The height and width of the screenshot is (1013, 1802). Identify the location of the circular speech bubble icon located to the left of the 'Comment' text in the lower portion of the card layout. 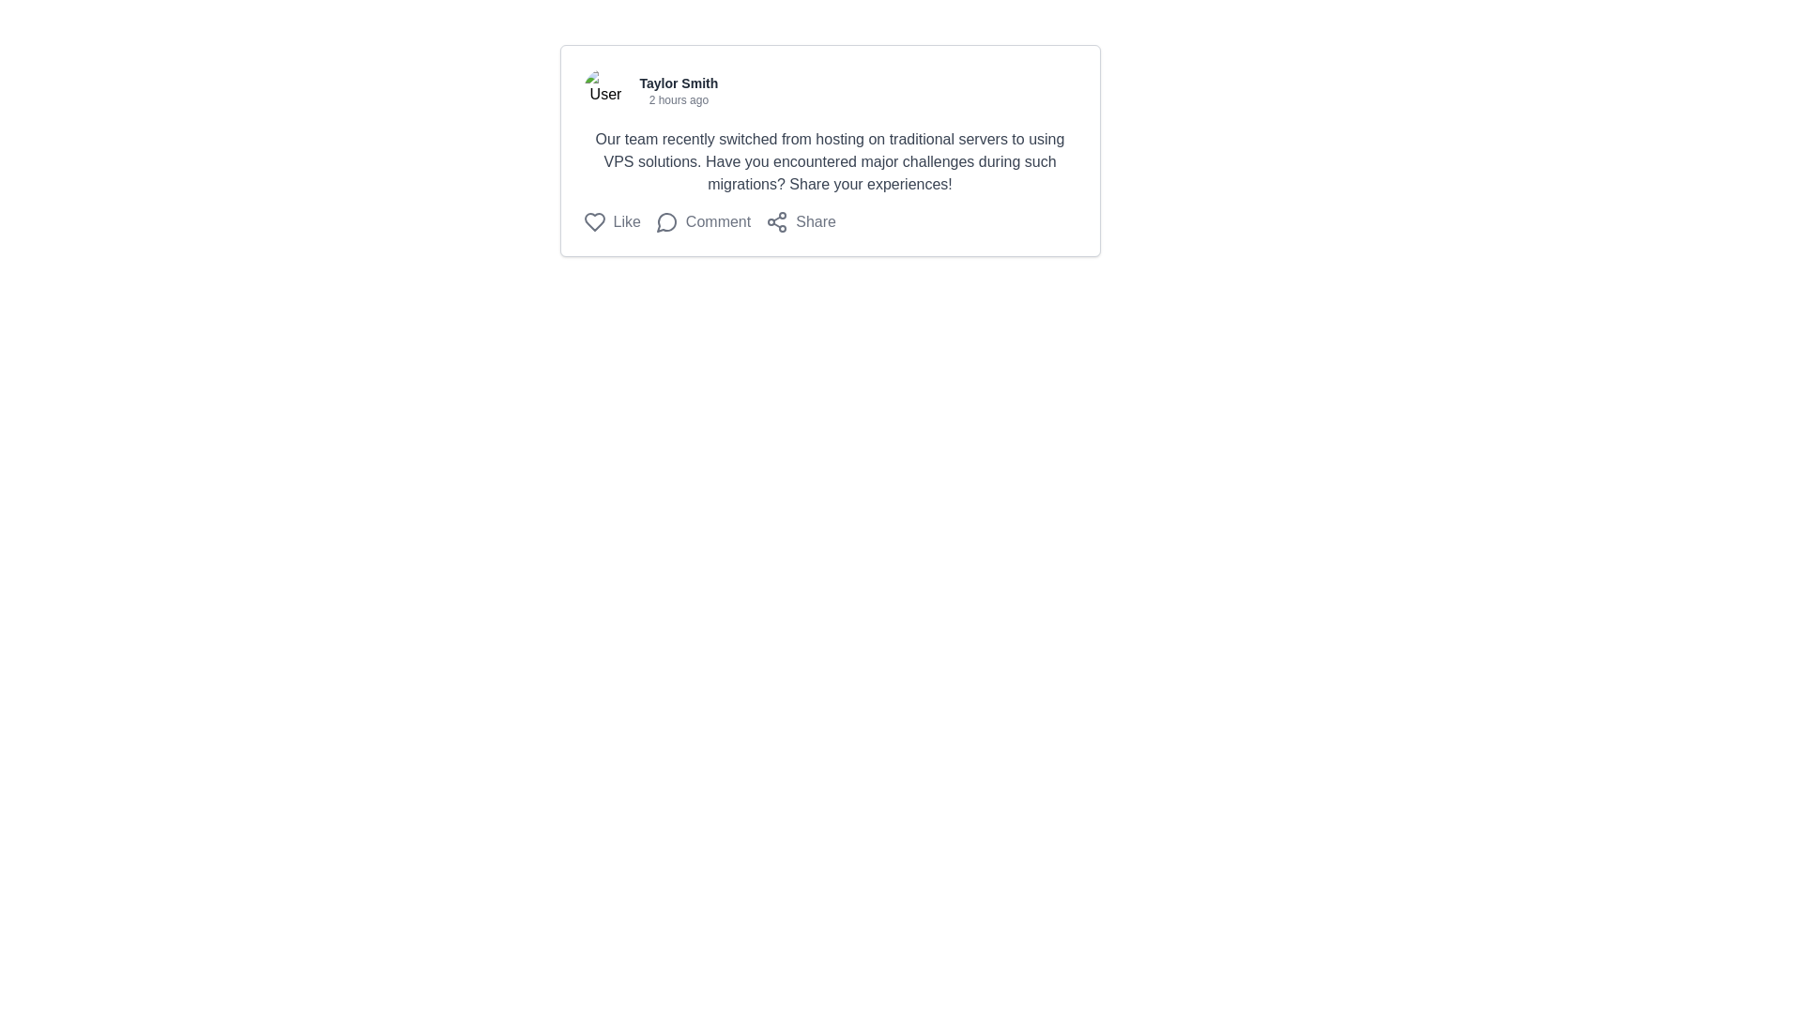
(666, 220).